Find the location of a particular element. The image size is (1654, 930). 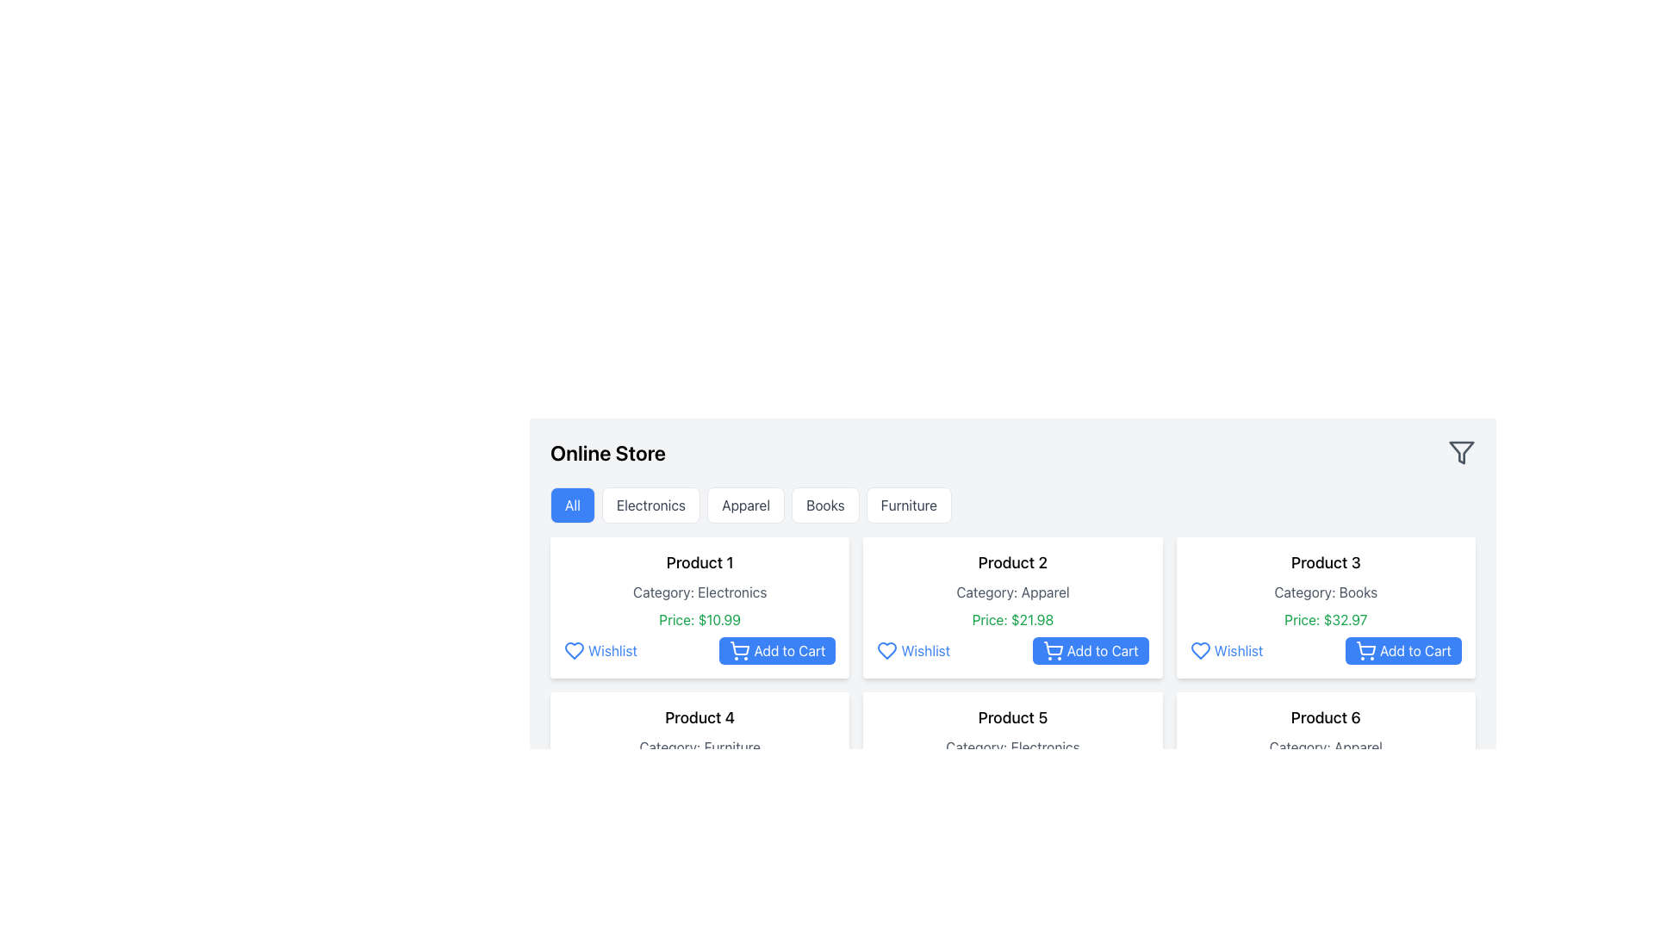

the shopping cart icon within the 'Add to Cart' button for 'Product 3', which is styled as an outline drawing and located on the left side of the button is located at coordinates (1365, 651).